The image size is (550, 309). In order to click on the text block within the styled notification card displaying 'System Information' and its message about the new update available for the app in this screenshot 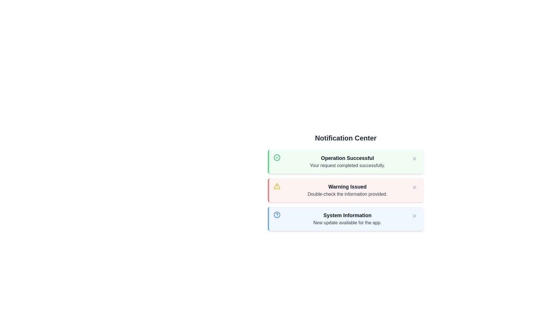, I will do `click(347, 219)`.